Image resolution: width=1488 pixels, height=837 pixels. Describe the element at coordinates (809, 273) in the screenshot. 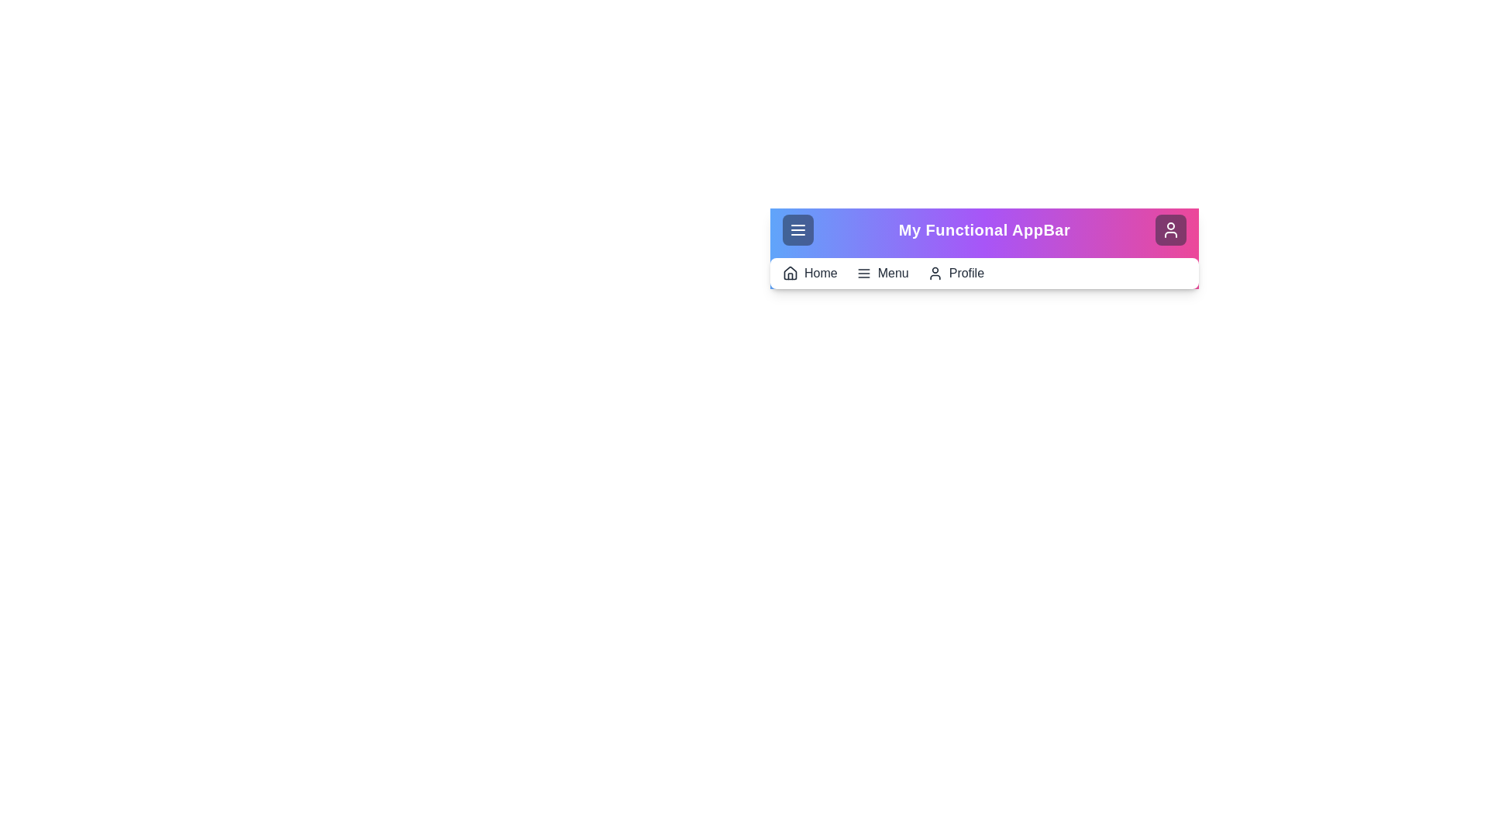

I see `the 'Home' button in the navigation bar` at that location.